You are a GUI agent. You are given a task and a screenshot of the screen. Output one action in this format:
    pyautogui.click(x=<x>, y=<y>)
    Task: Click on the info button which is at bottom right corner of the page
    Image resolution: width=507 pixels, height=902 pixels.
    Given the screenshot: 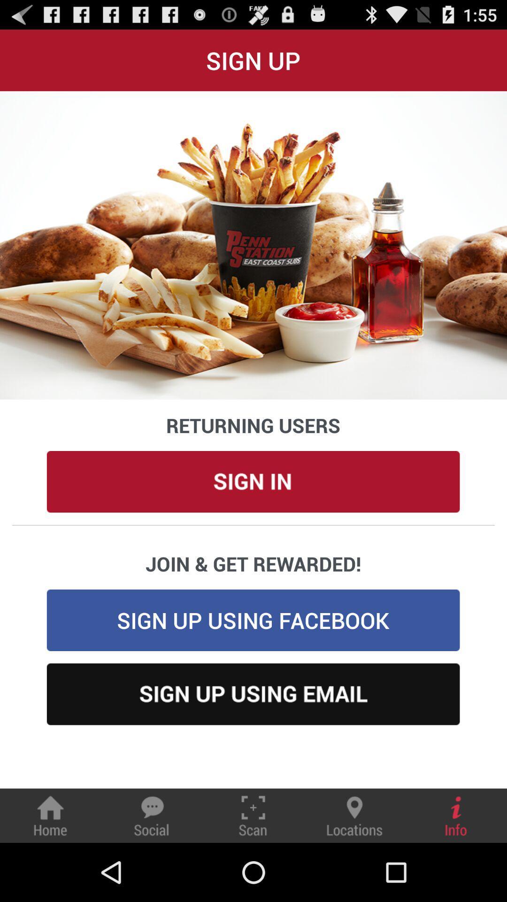 What is the action you would take?
    pyautogui.click(x=456, y=815)
    